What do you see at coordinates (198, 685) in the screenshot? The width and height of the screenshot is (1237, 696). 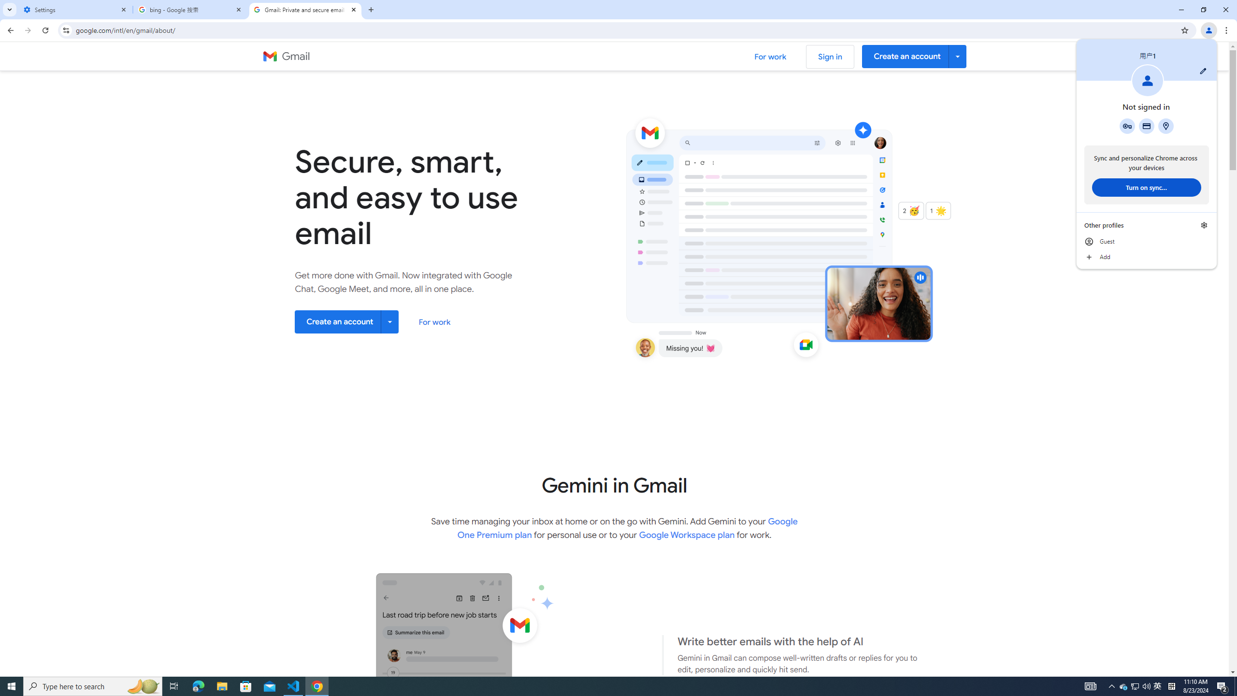 I see `'Microsoft Edge'` at bounding box center [198, 685].